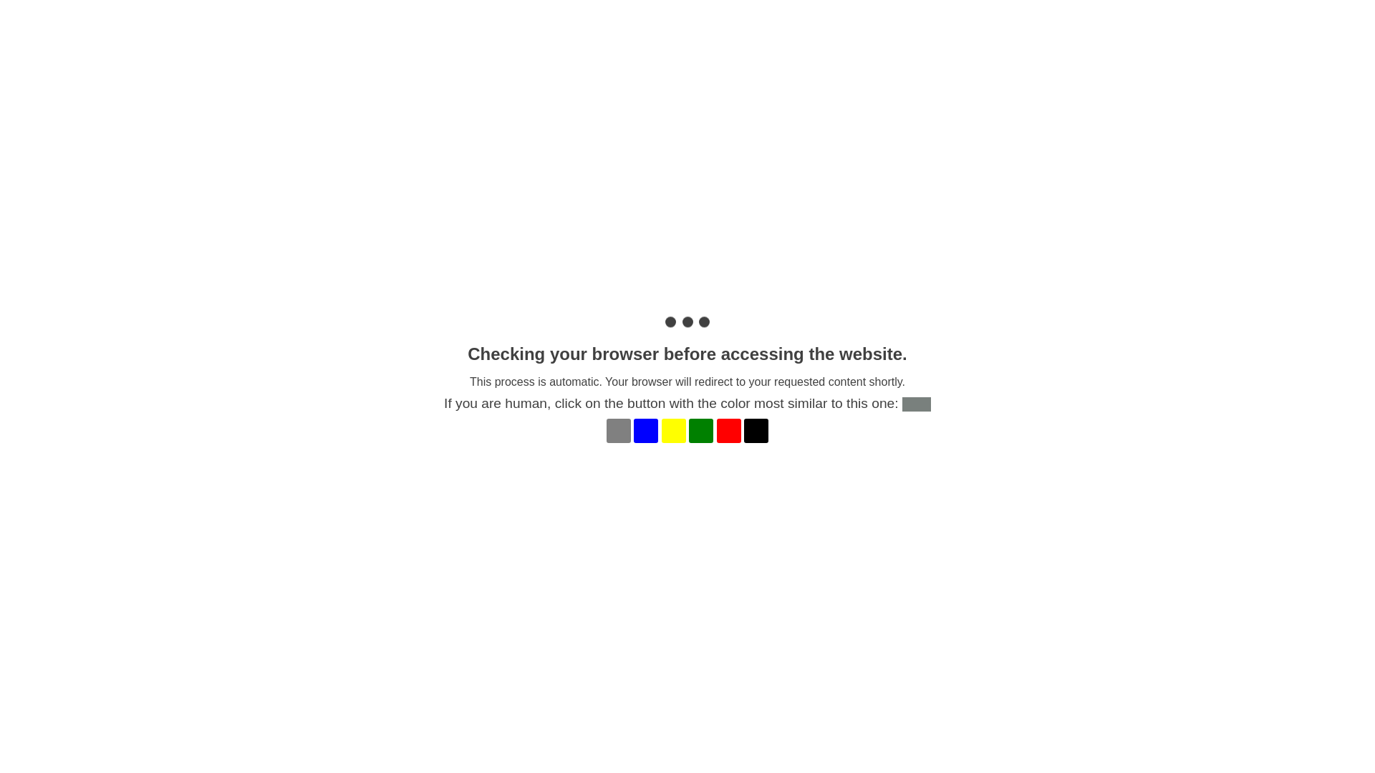 This screenshot has width=1375, height=773. What do you see at coordinates (728, 429) in the screenshot?
I see `'RED'` at bounding box center [728, 429].